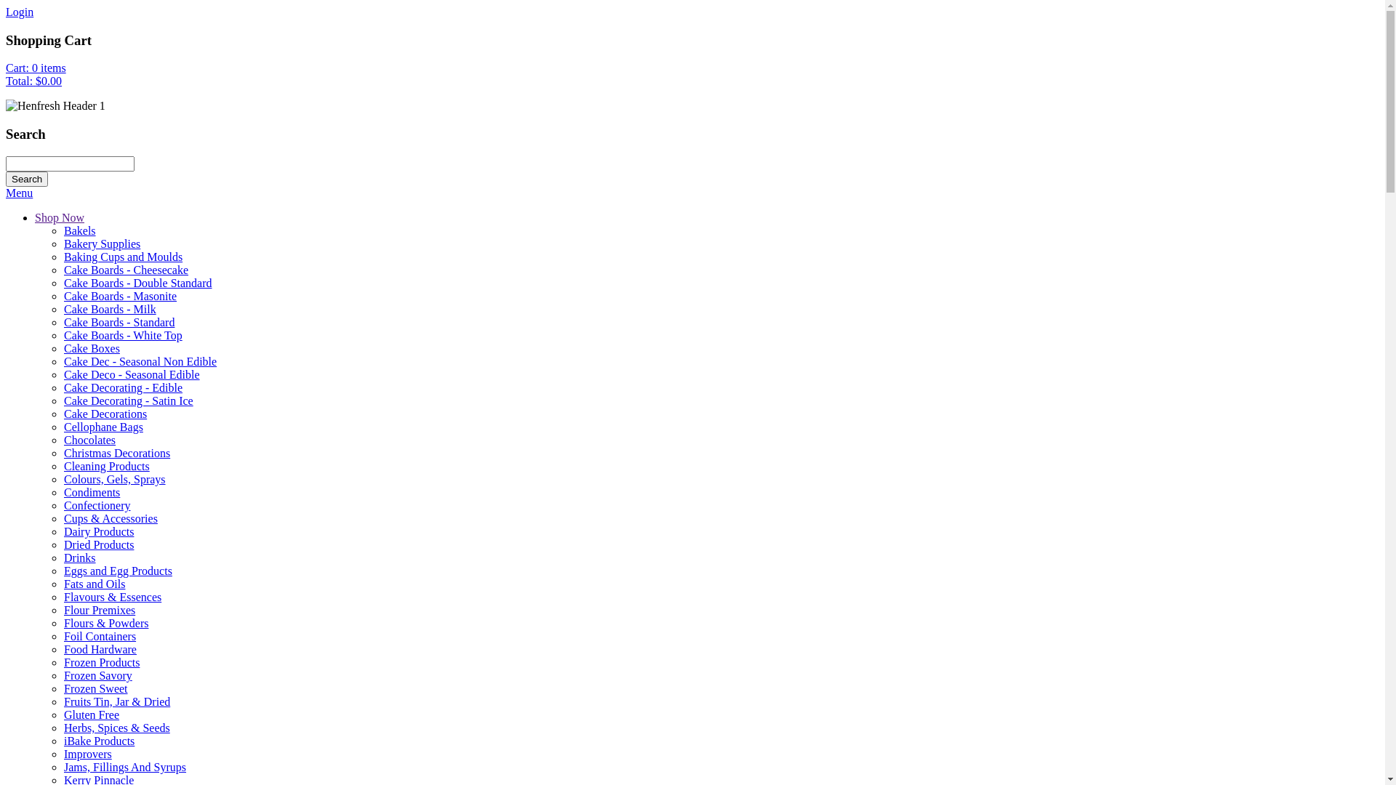 Image resolution: width=1396 pixels, height=785 pixels. Describe the element at coordinates (58, 217) in the screenshot. I see `'Shop Now'` at that location.